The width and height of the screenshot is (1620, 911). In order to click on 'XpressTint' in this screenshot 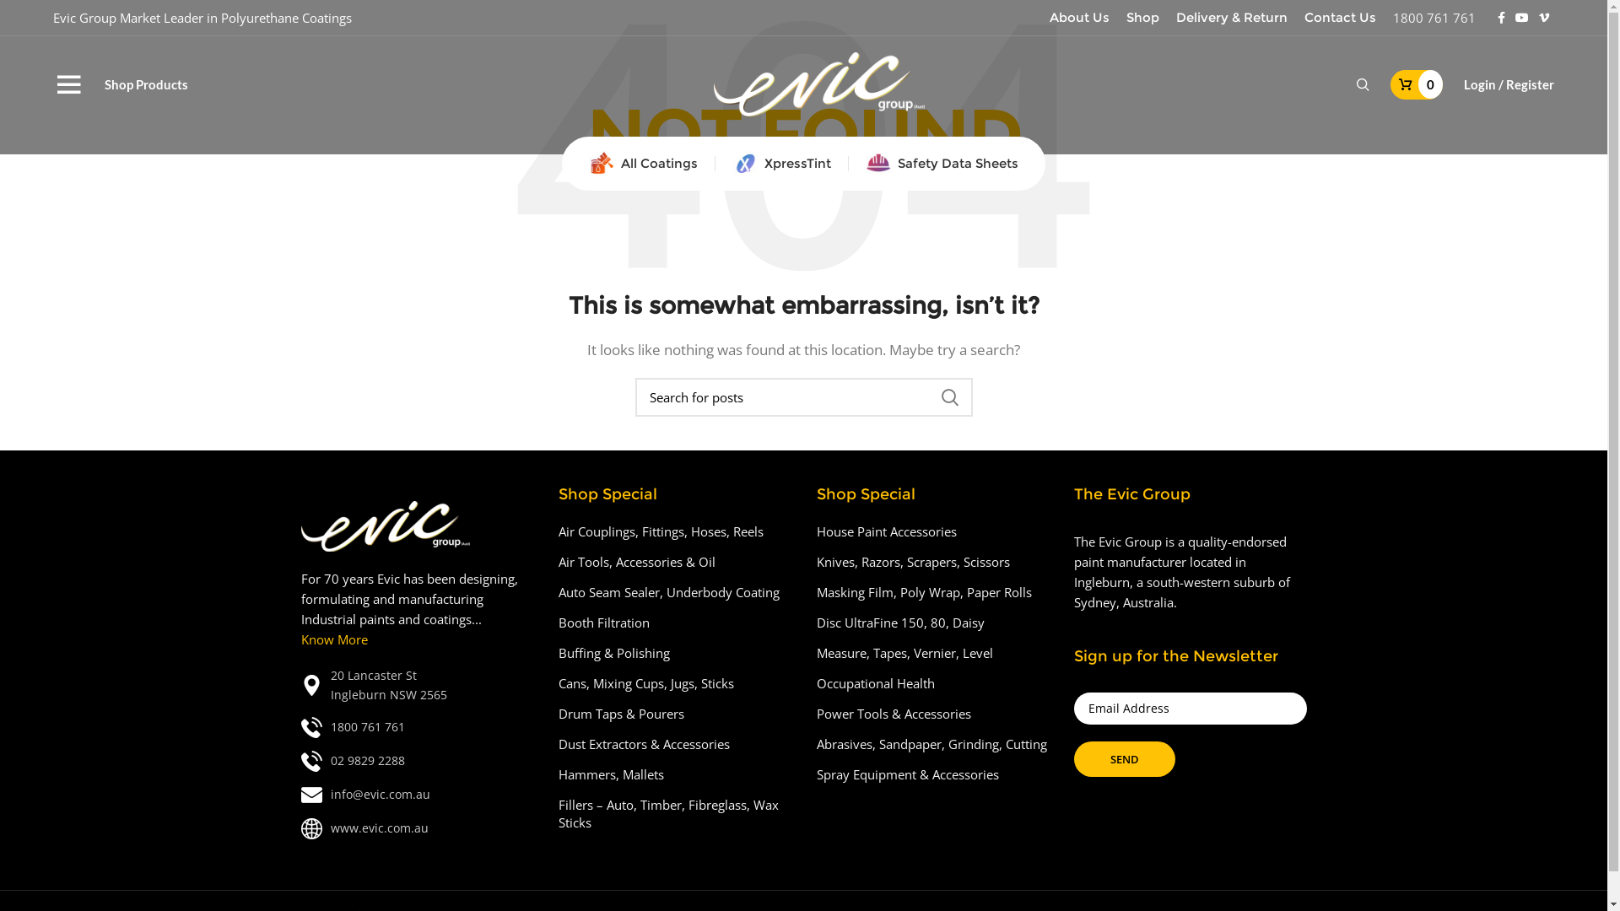, I will do `click(715, 163)`.